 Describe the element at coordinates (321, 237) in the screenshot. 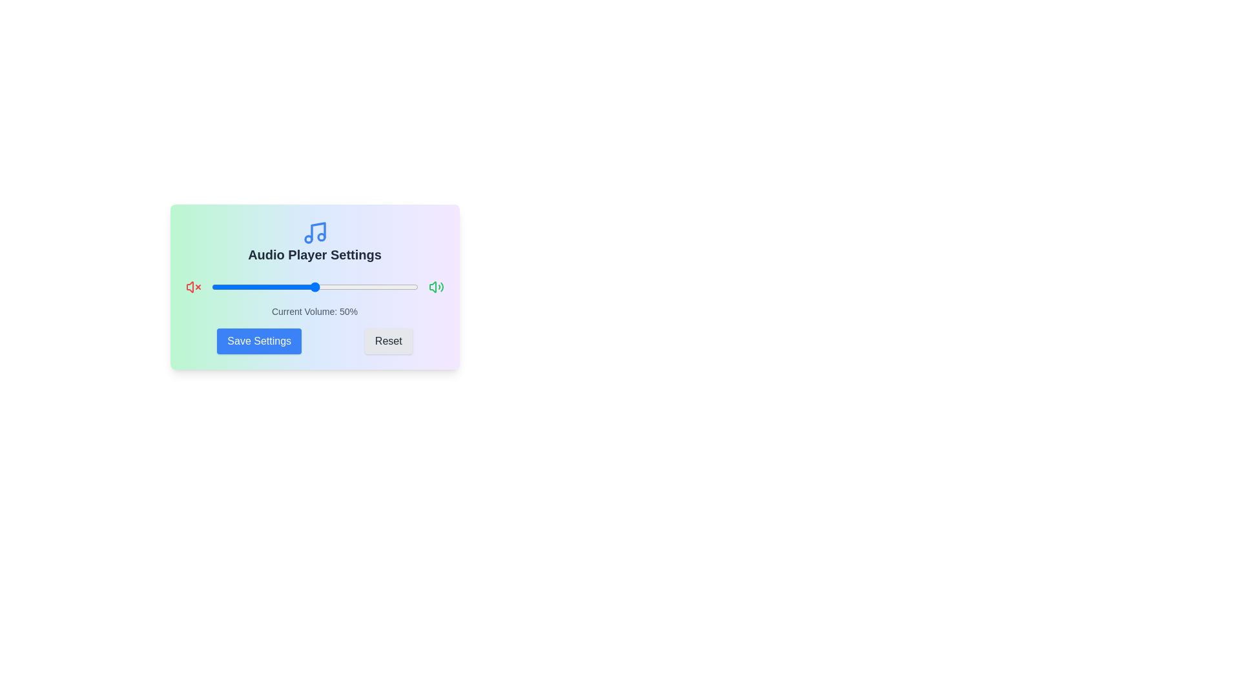

I see `the small circular graphical component located within the musical note icon by clicking on it` at that location.